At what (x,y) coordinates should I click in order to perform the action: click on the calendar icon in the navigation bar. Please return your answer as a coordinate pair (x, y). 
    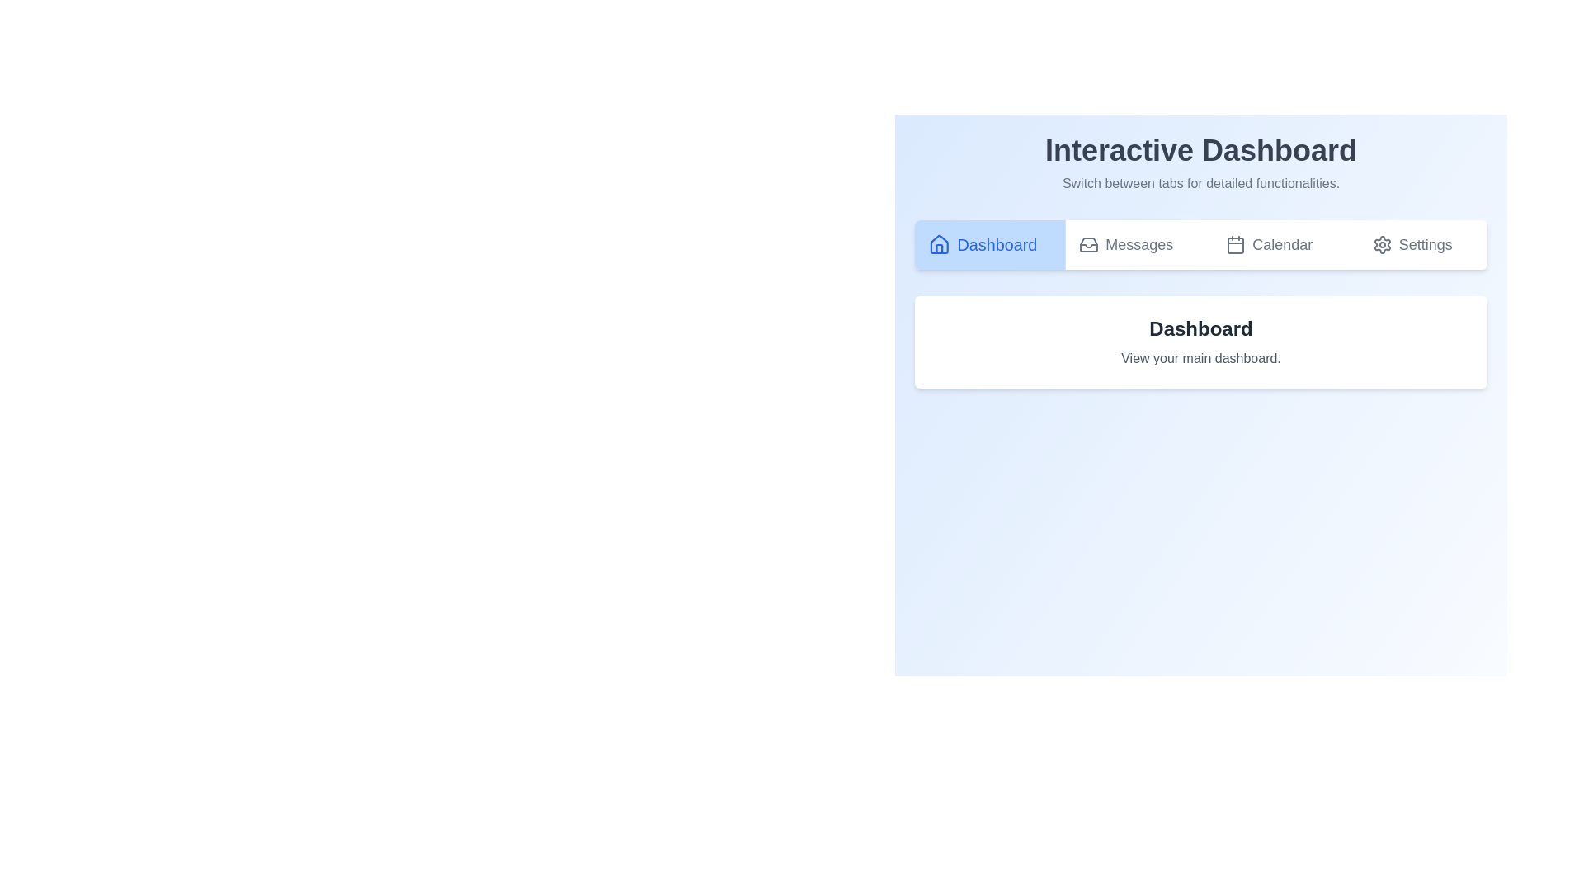
    Looking at the image, I should click on (1235, 245).